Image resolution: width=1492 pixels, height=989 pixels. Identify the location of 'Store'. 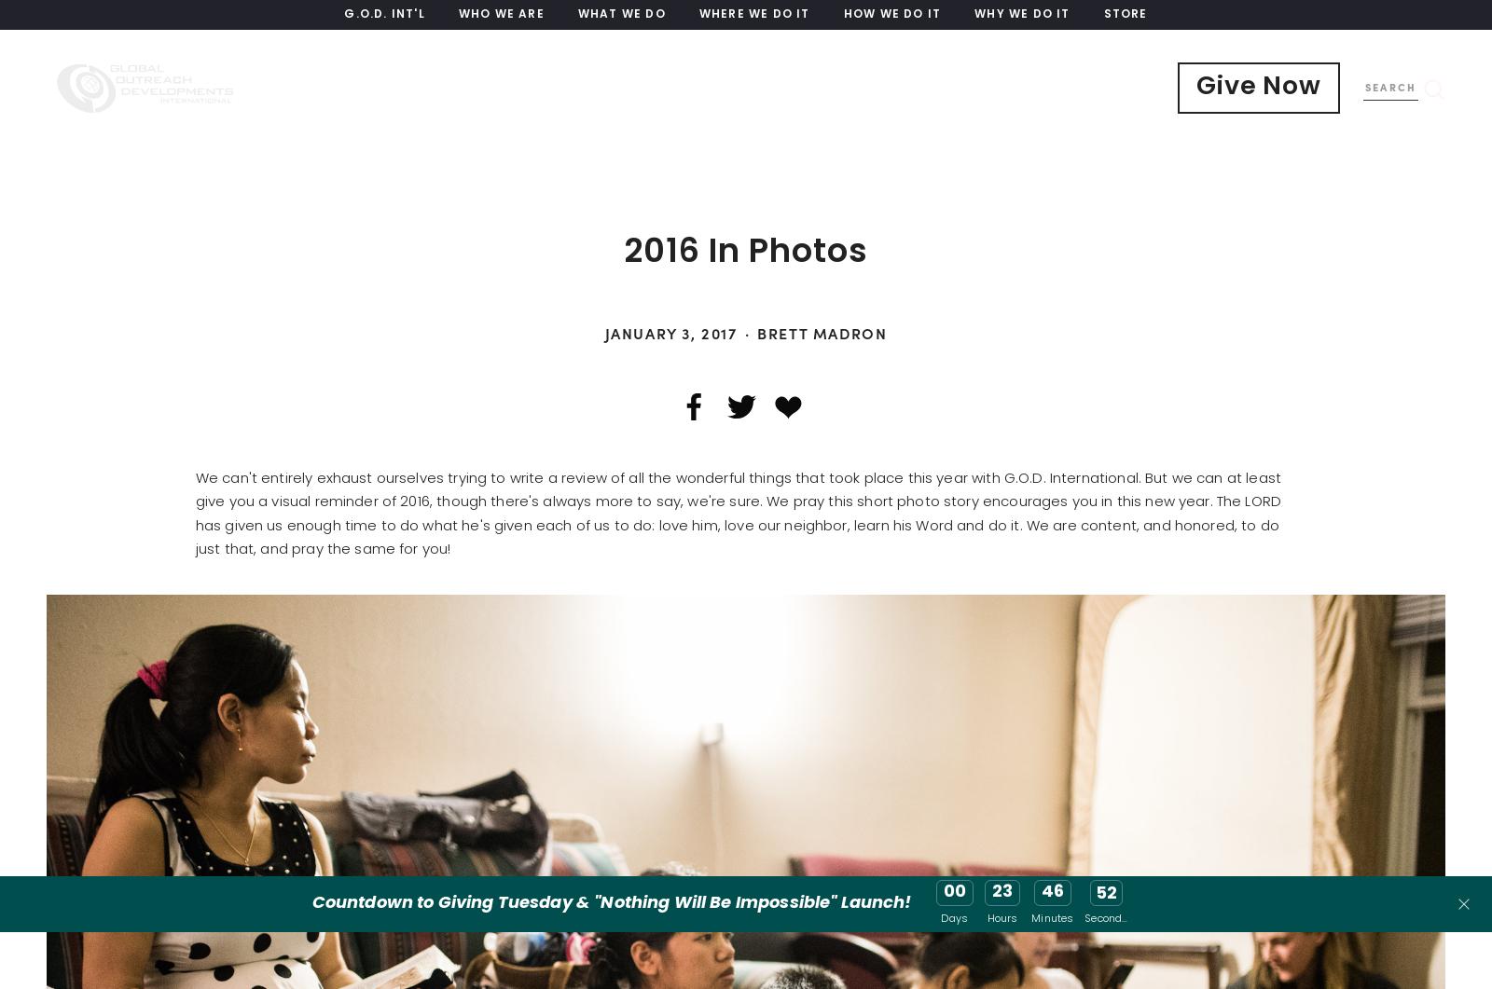
(1124, 15).